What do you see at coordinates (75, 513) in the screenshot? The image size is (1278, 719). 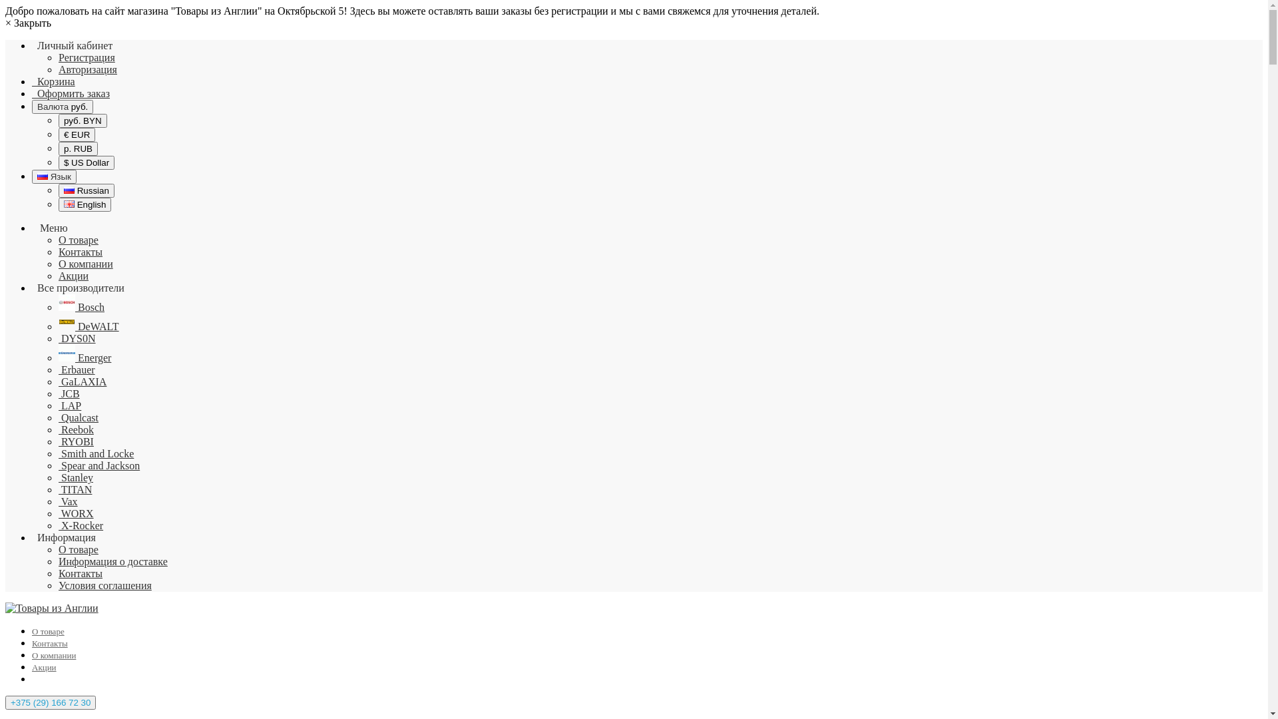 I see `'WORX'` at bounding box center [75, 513].